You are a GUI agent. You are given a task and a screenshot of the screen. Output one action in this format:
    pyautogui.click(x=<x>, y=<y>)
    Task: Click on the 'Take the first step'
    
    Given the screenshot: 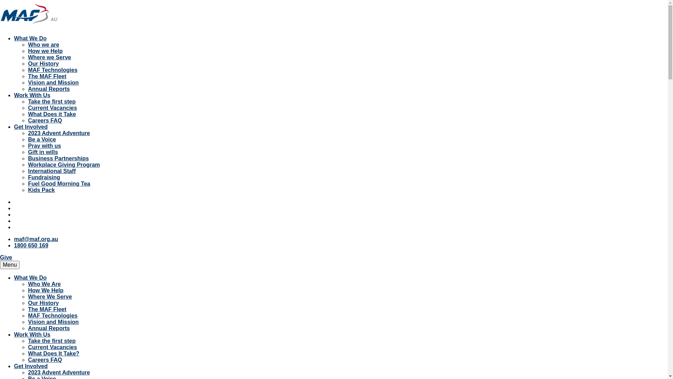 What is the action you would take?
    pyautogui.click(x=52, y=340)
    